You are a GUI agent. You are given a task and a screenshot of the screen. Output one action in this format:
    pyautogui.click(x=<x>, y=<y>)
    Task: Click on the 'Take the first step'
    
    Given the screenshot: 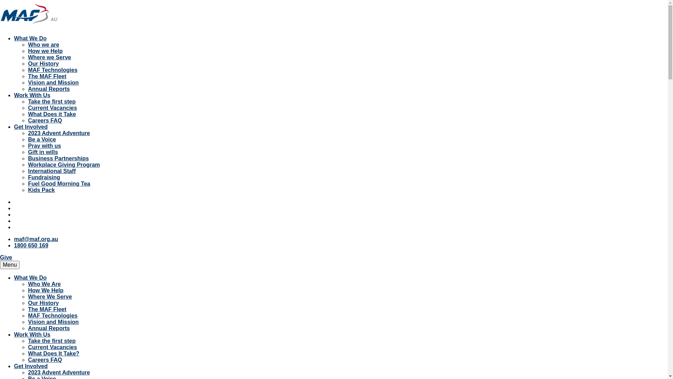 What is the action you would take?
    pyautogui.click(x=52, y=340)
    